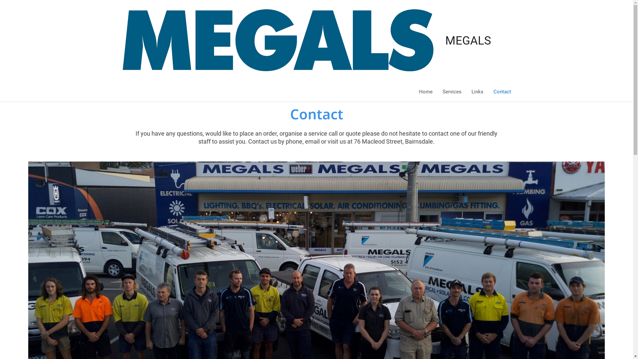 The height and width of the screenshot is (359, 638). What do you see at coordinates (502, 92) in the screenshot?
I see `'Contact'` at bounding box center [502, 92].